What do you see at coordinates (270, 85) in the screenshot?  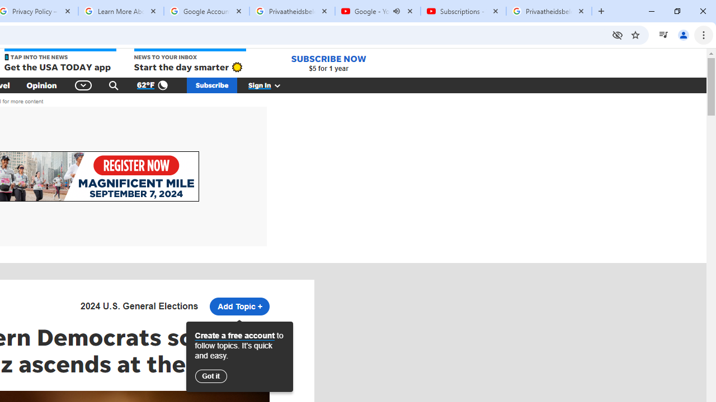 I see `'Sign In'` at bounding box center [270, 85].